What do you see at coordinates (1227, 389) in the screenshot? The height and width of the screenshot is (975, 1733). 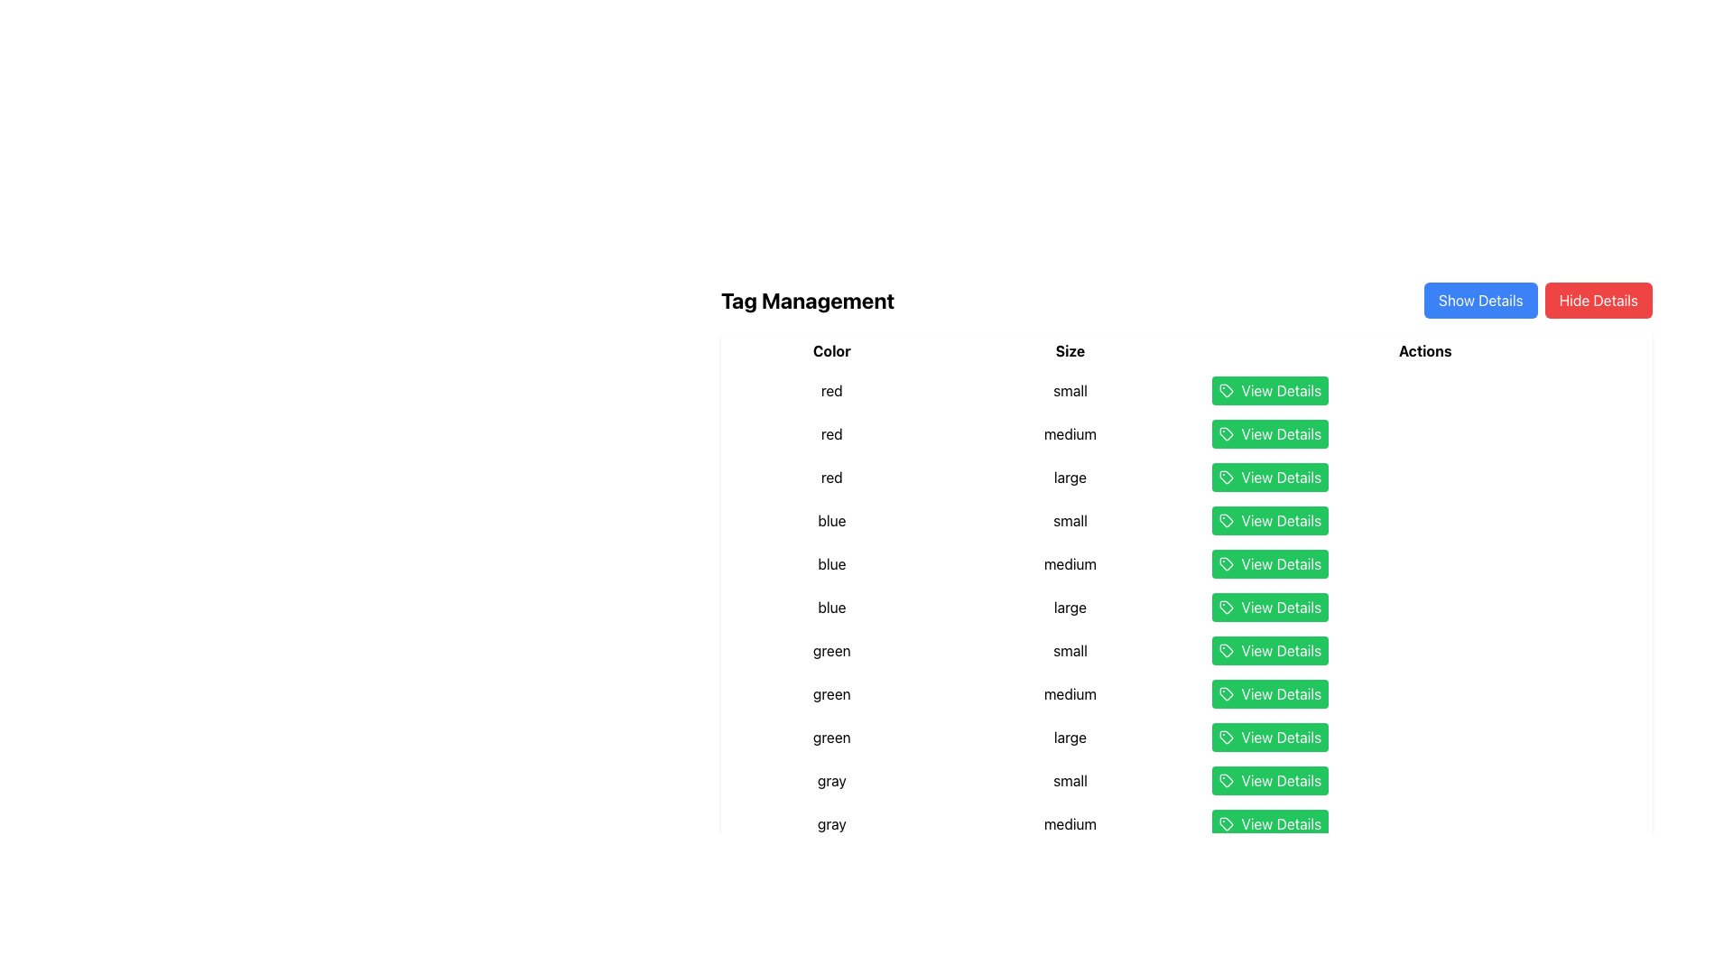 I see `the tag-shaped icon located in the Actions column of the first row in the data table, which is adjacent to the green 'View Details' button` at bounding box center [1227, 389].